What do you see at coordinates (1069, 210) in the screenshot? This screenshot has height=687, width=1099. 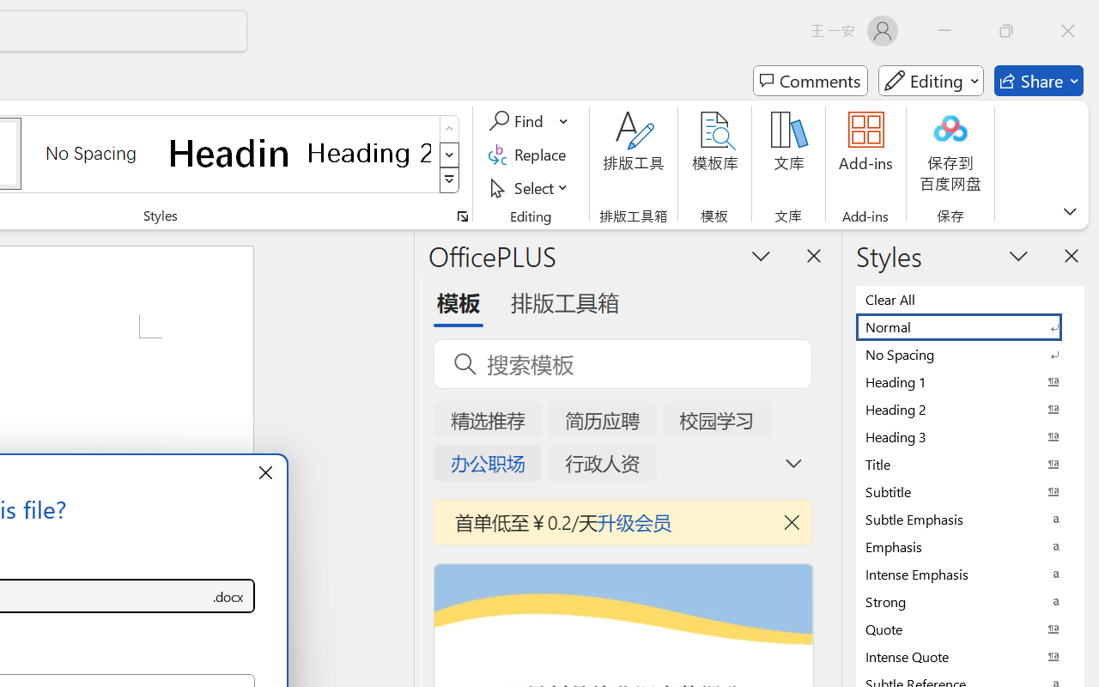 I see `'Ribbon Display Options'` at bounding box center [1069, 210].